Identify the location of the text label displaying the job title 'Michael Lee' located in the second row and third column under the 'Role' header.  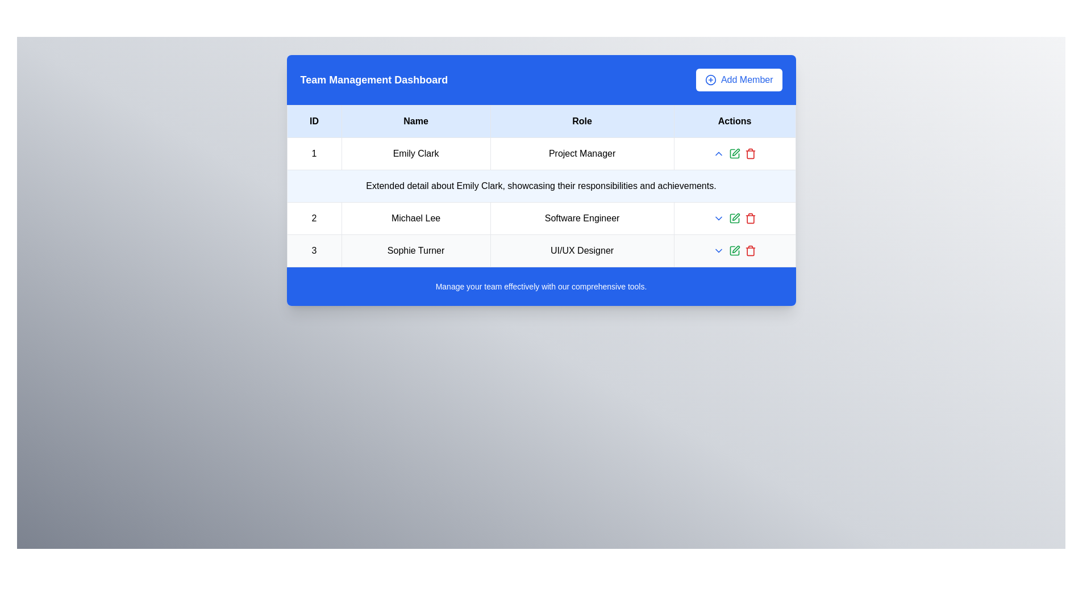
(582, 219).